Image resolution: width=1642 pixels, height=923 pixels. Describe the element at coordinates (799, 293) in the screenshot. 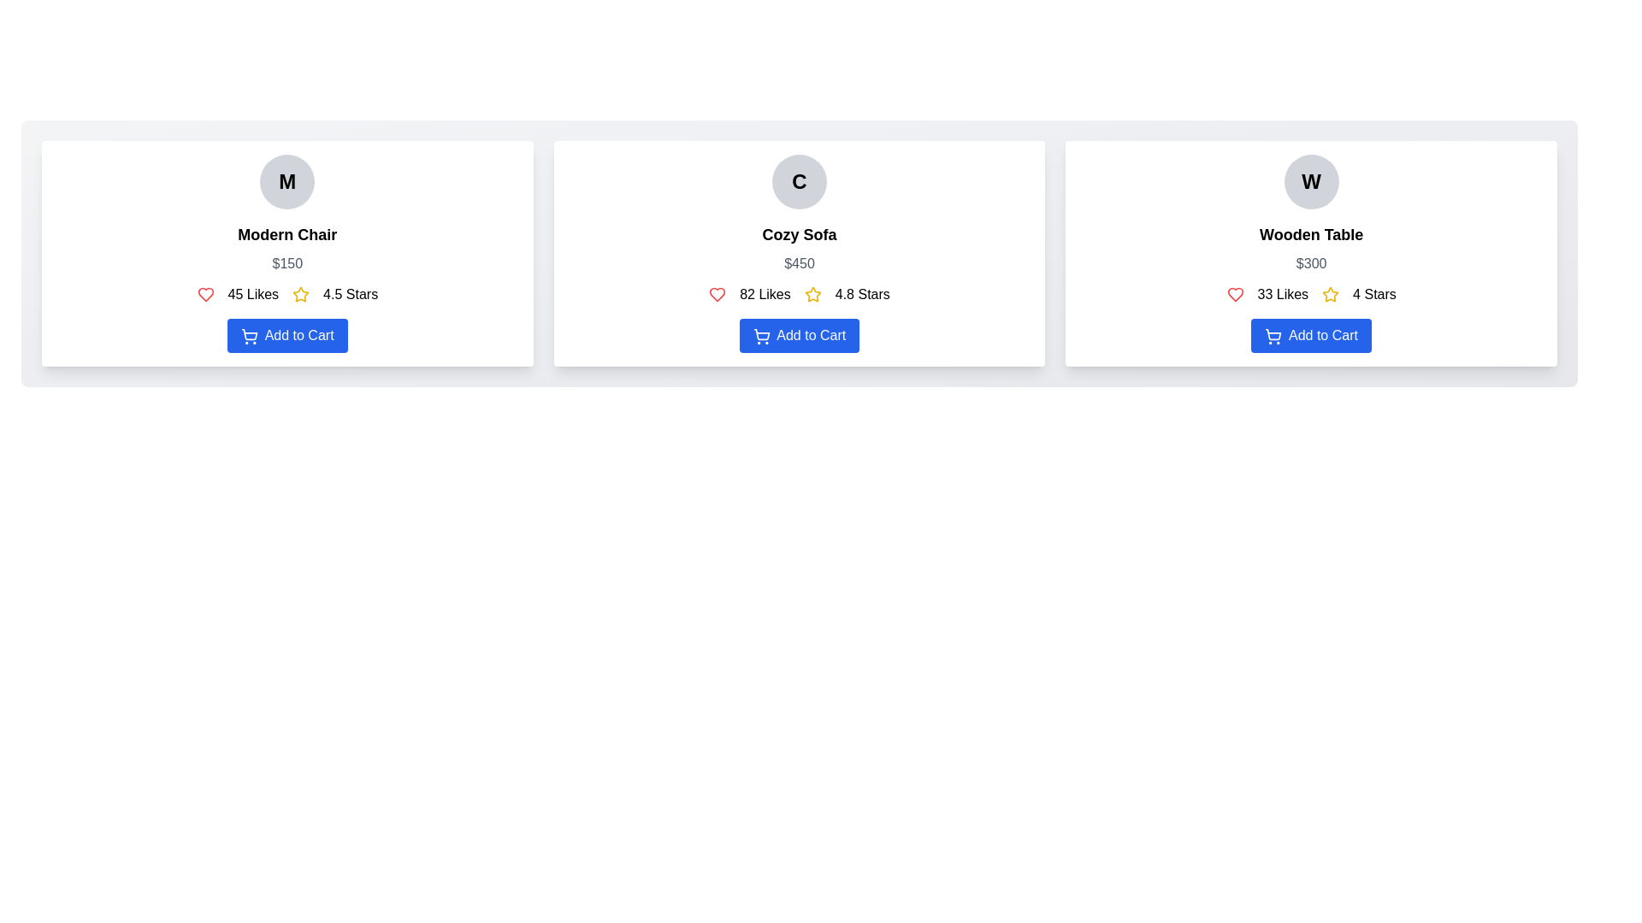

I see `the Text with Icon element that displays feedback and rating information for the 'Cozy Sofa' product, located below the product price and above the 'Add to Cart' button` at that location.